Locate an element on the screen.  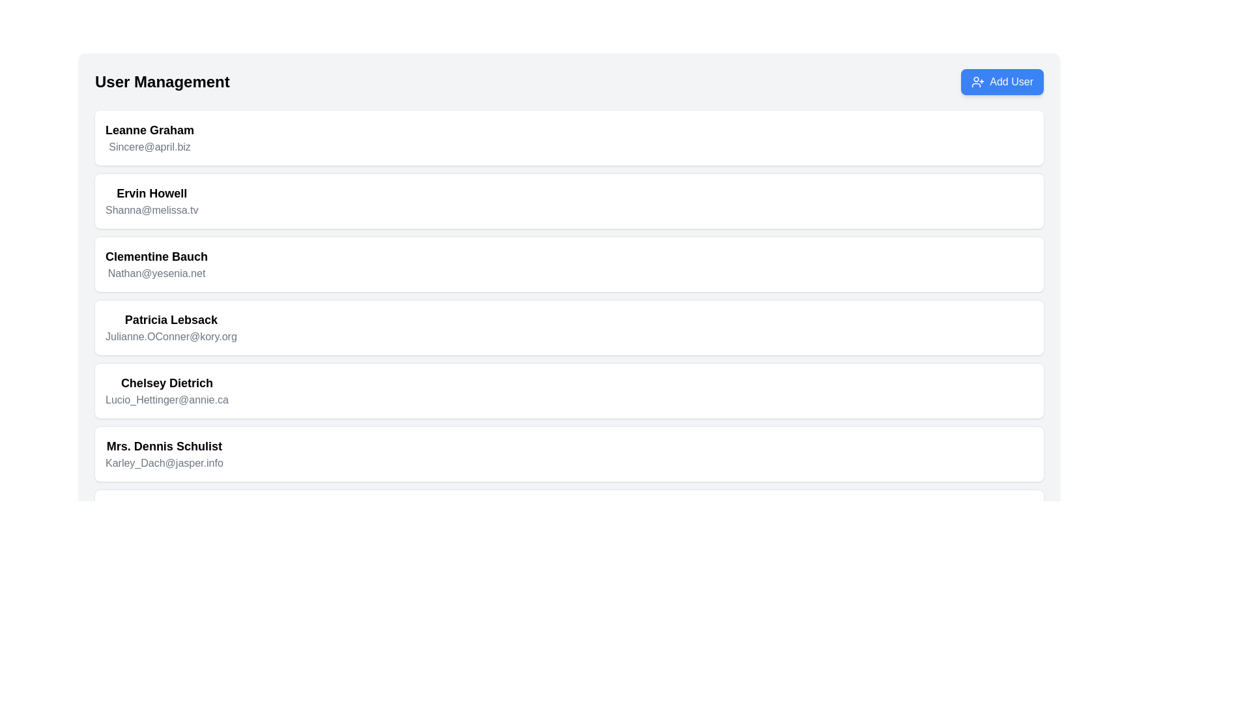
the text block displaying the name 'Leanne Graham' and email 'Sincere@april.biz', which is located in the upper left section of the user management interface is located at coordinates (150, 138).